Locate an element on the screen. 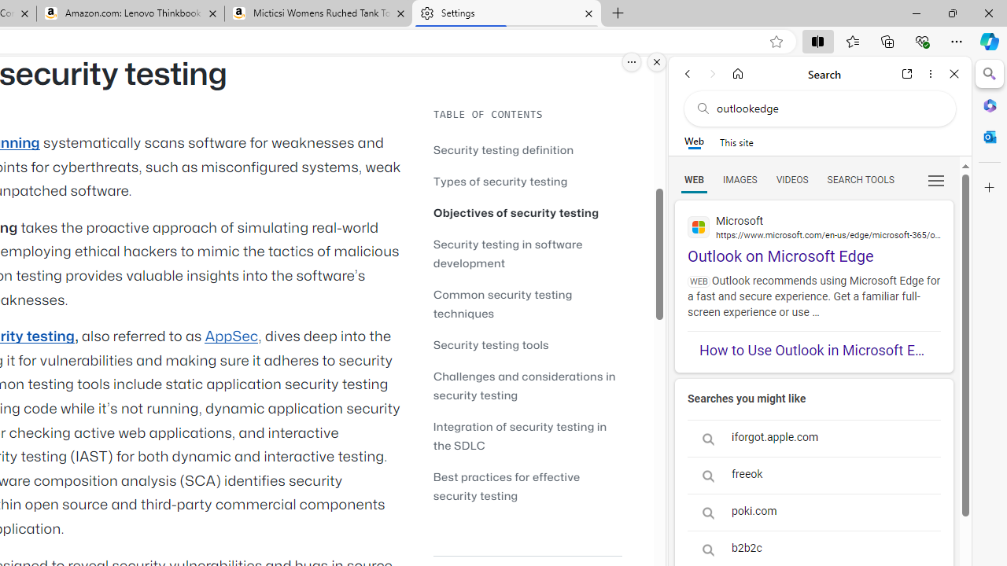 The height and width of the screenshot is (566, 1007). 'Close split screen.' is located at coordinates (657, 61).